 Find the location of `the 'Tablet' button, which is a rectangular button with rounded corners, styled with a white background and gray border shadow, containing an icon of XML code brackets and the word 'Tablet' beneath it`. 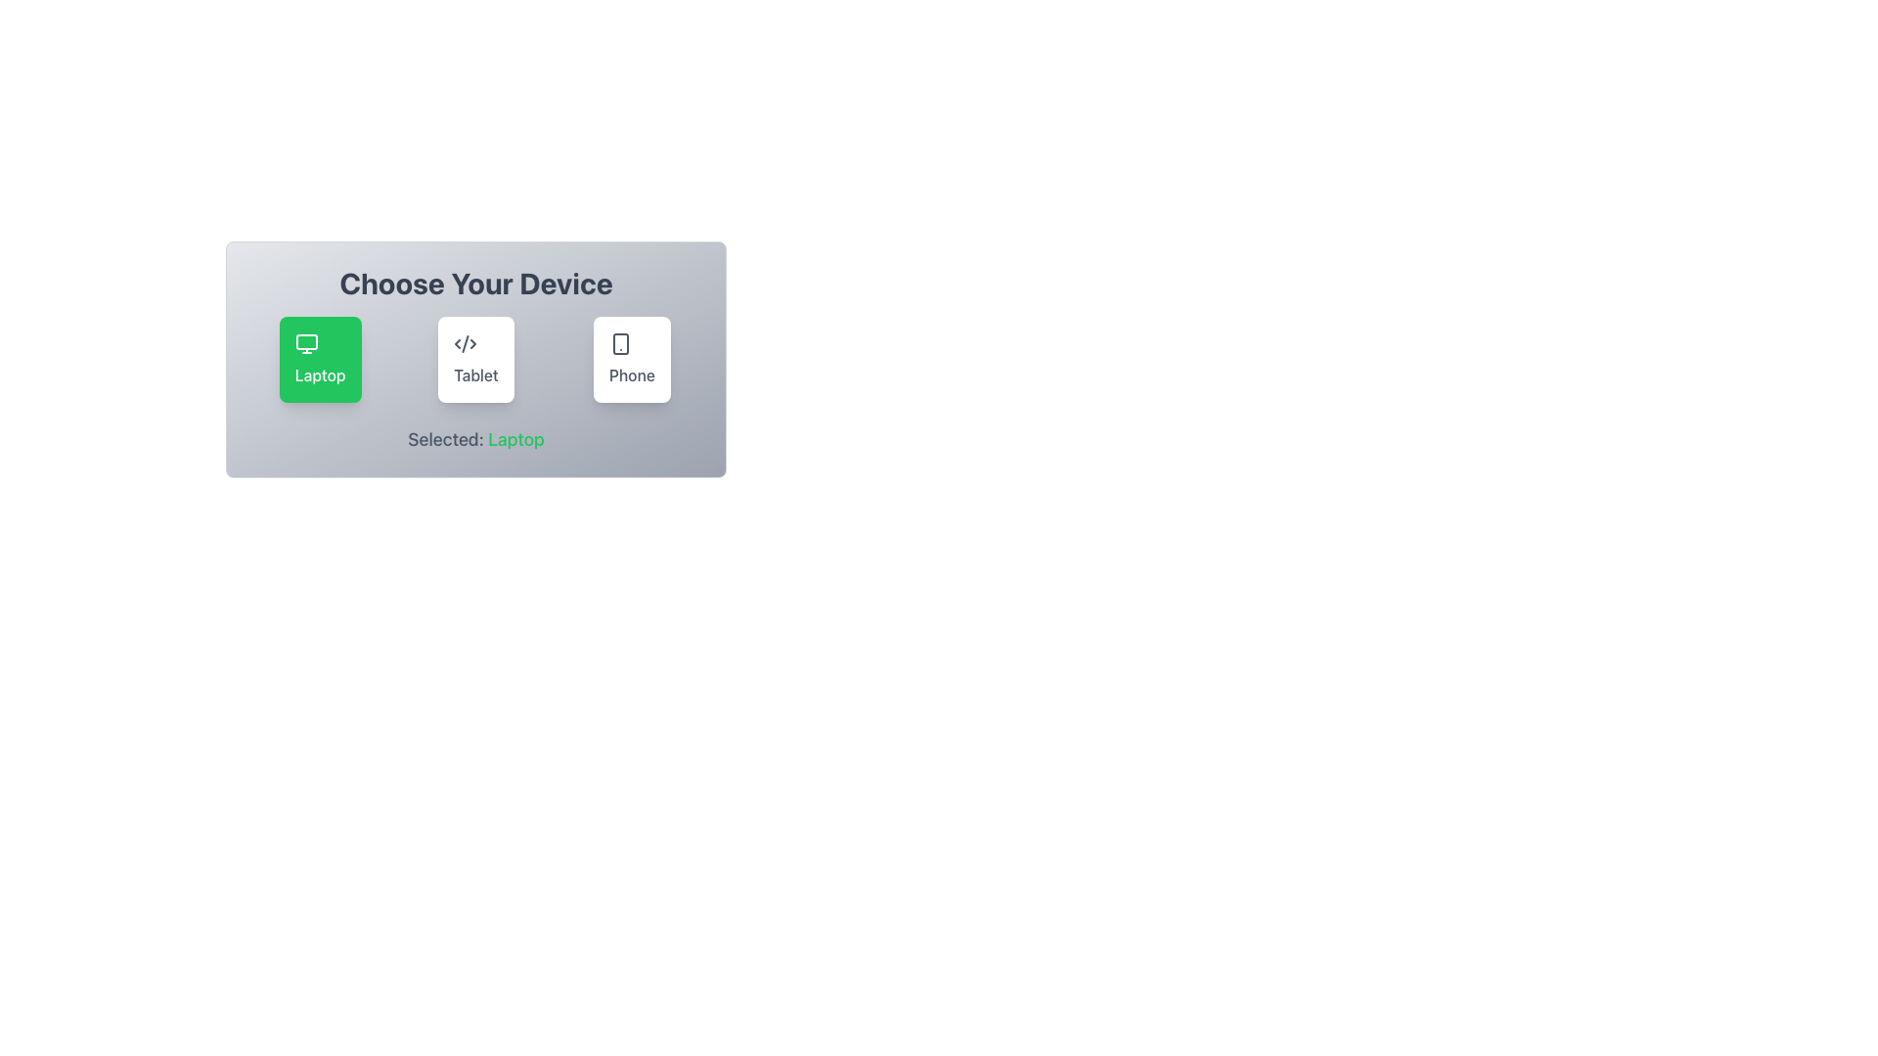

the 'Tablet' button, which is a rectangular button with rounded corners, styled with a white background and gray border shadow, containing an icon of XML code brackets and the word 'Tablet' beneath it is located at coordinates (475, 359).